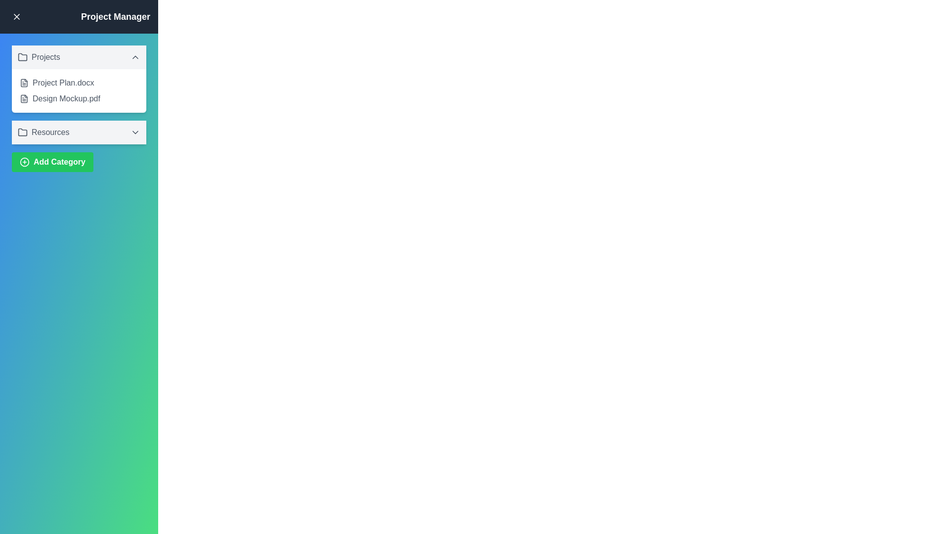 The image size is (949, 534). Describe the element at coordinates (78, 57) in the screenshot. I see `the collapsible header bar labeled 'Projects' for keyboard navigation` at that location.